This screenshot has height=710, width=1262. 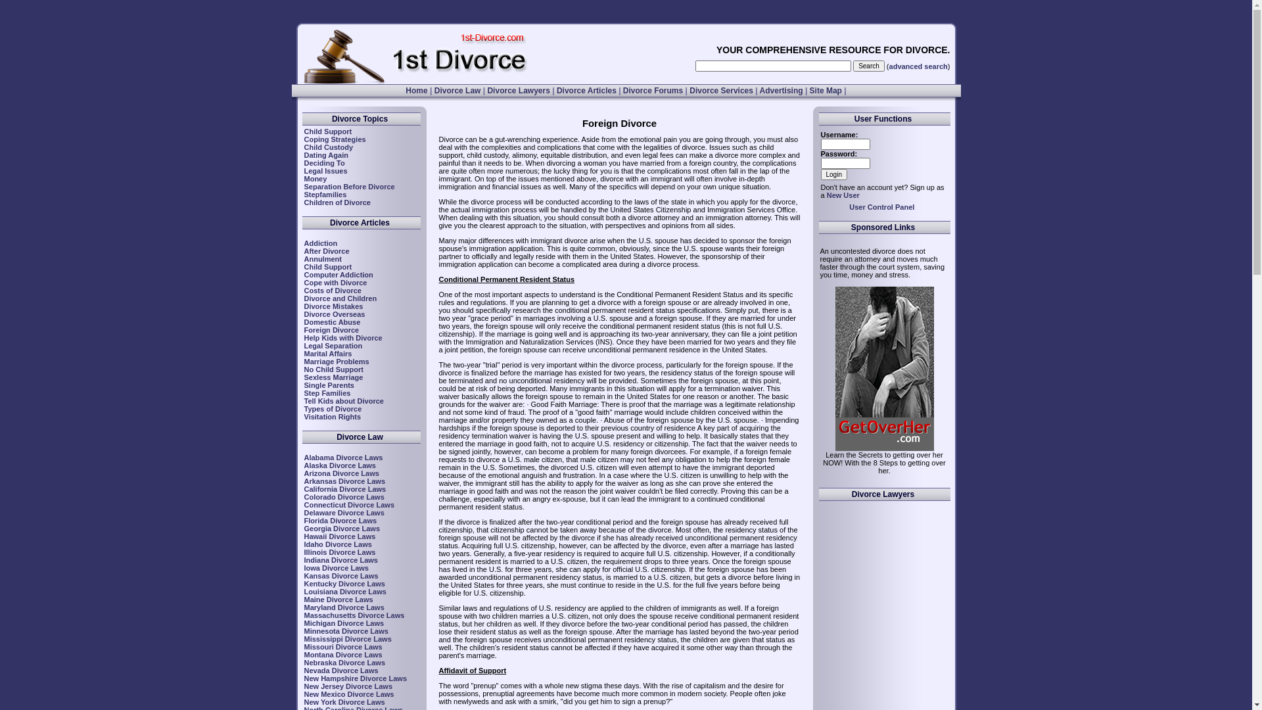 What do you see at coordinates (344, 511) in the screenshot?
I see `'Delaware Divorce Laws'` at bounding box center [344, 511].